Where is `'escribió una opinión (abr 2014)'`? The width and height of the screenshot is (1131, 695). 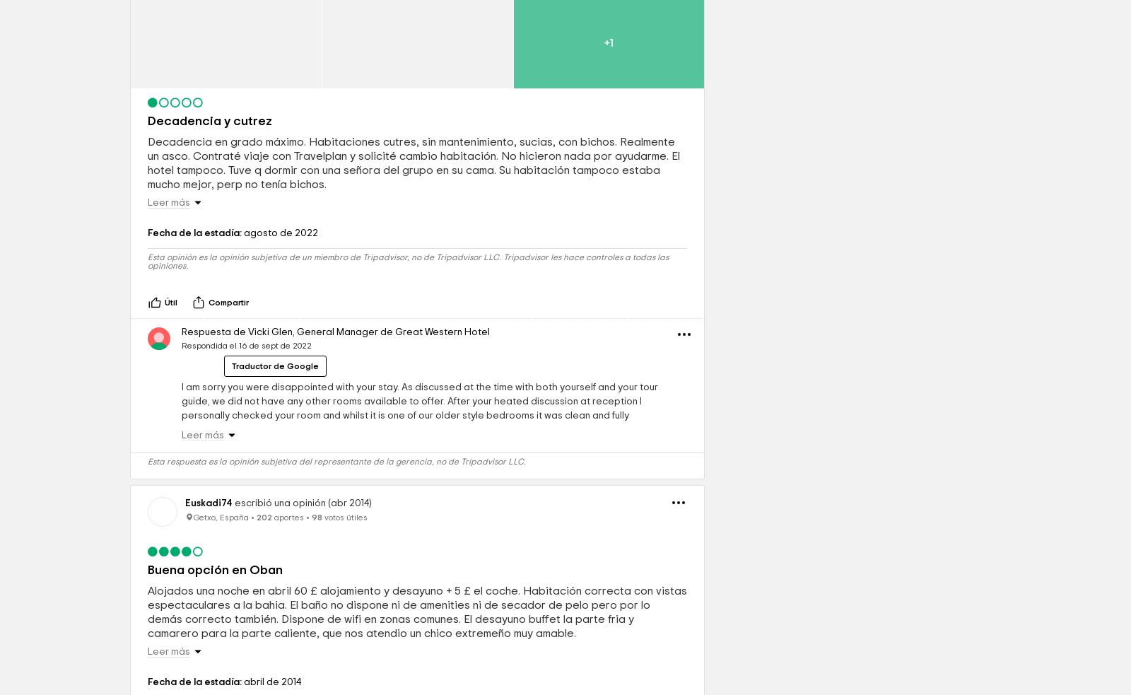 'escribió una opinión (abr 2014)' is located at coordinates (232, 601).